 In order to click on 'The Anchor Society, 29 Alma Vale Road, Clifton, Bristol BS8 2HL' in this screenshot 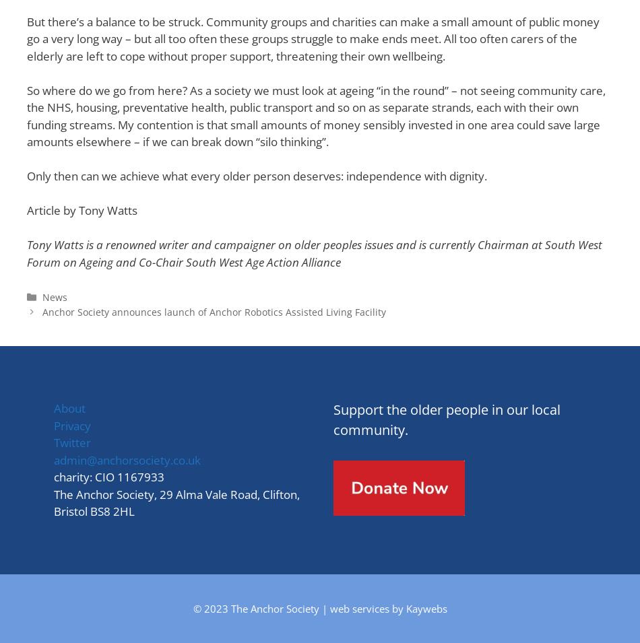, I will do `click(176, 502)`.